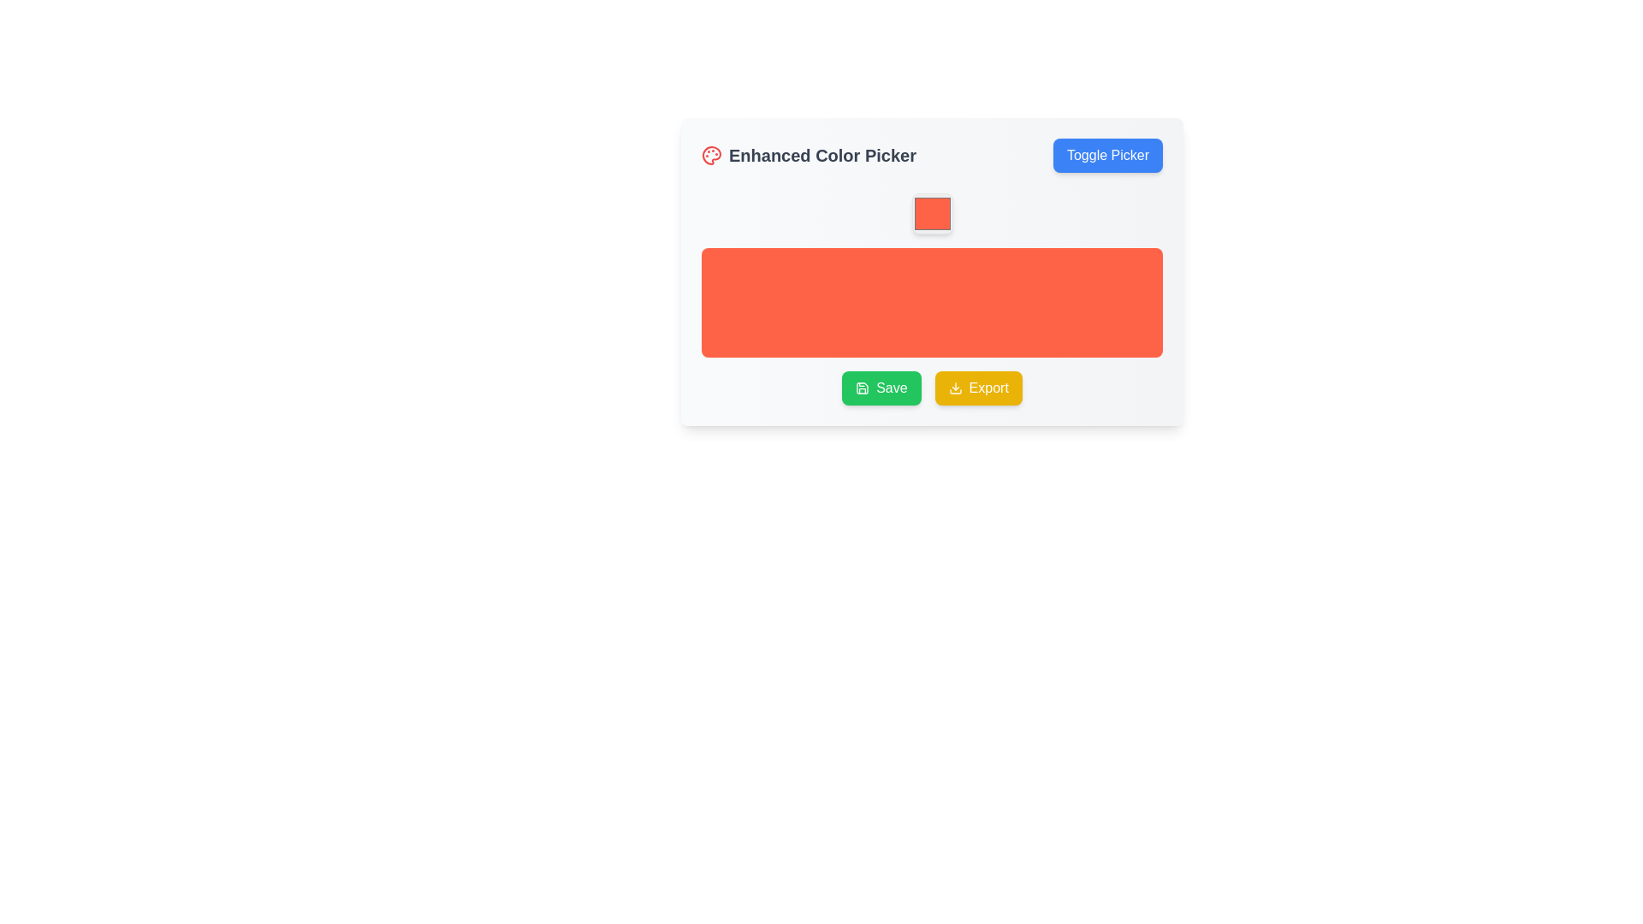  Describe the element at coordinates (863, 388) in the screenshot. I see `the green 'Save' button by clicking on the outer shape of the save icon, which is part of the SVG component` at that location.